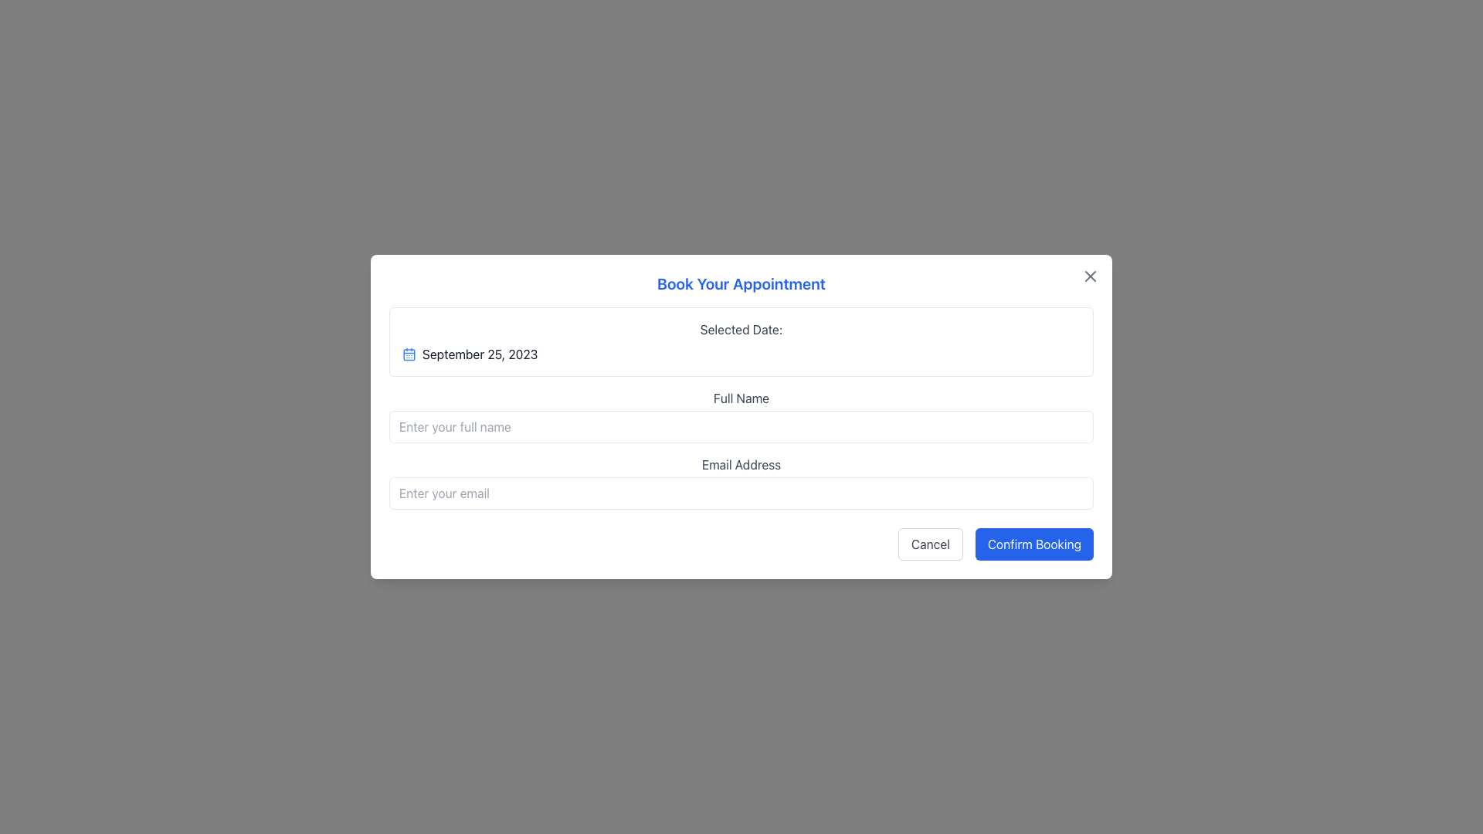 This screenshot has height=834, width=1483. What do you see at coordinates (1089, 276) in the screenshot?
I see `the Close Icon, which is an 'X' shaped button located in the top-right corner of the 'Book Your Appointment' modal` at bounding box center [1089, 276].